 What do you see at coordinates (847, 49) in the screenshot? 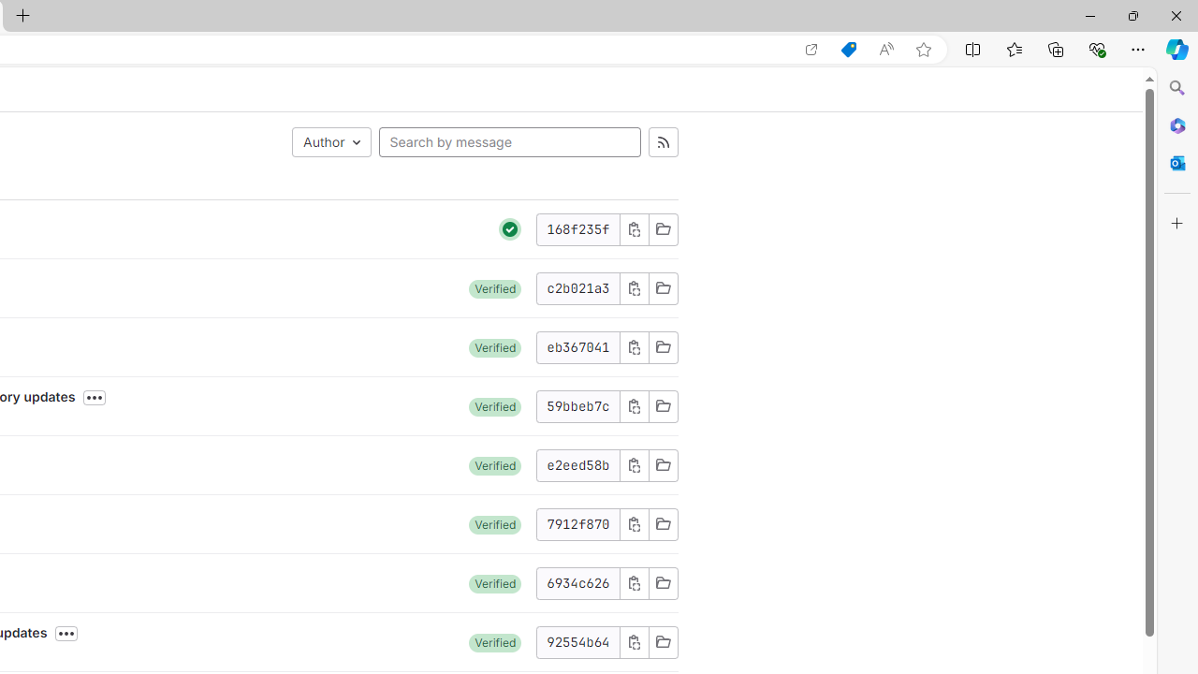
I see `'Shopping in Microsoft Edge'` at bounding box center [847, 49].